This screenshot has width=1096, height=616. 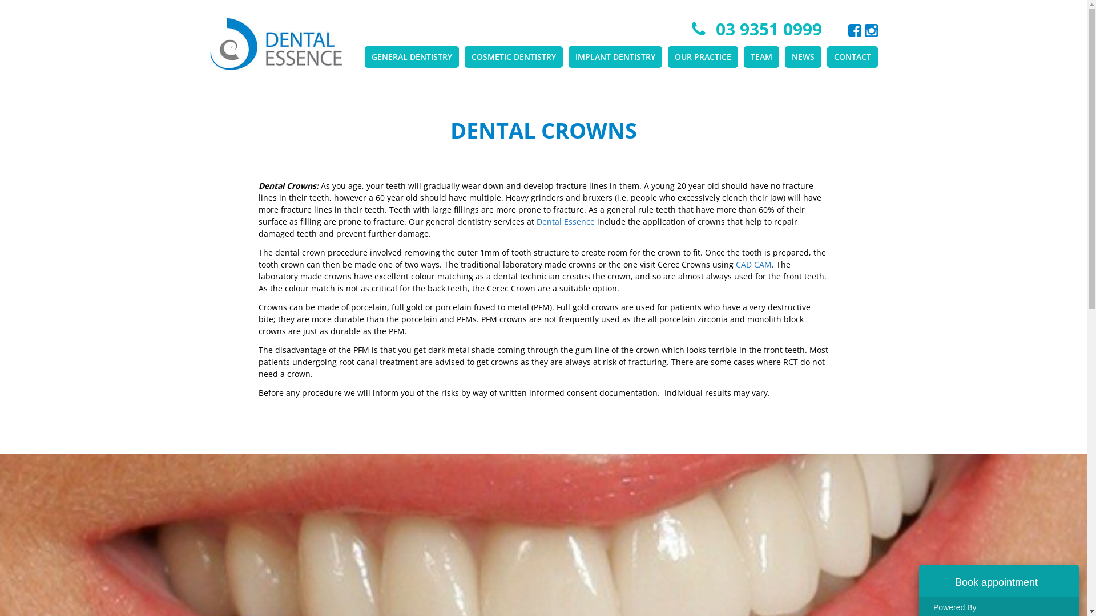 What do you see at coordinates (852, 57) in the screenshot?
I see `'CONTACT'` at bounding box center [852, 57].